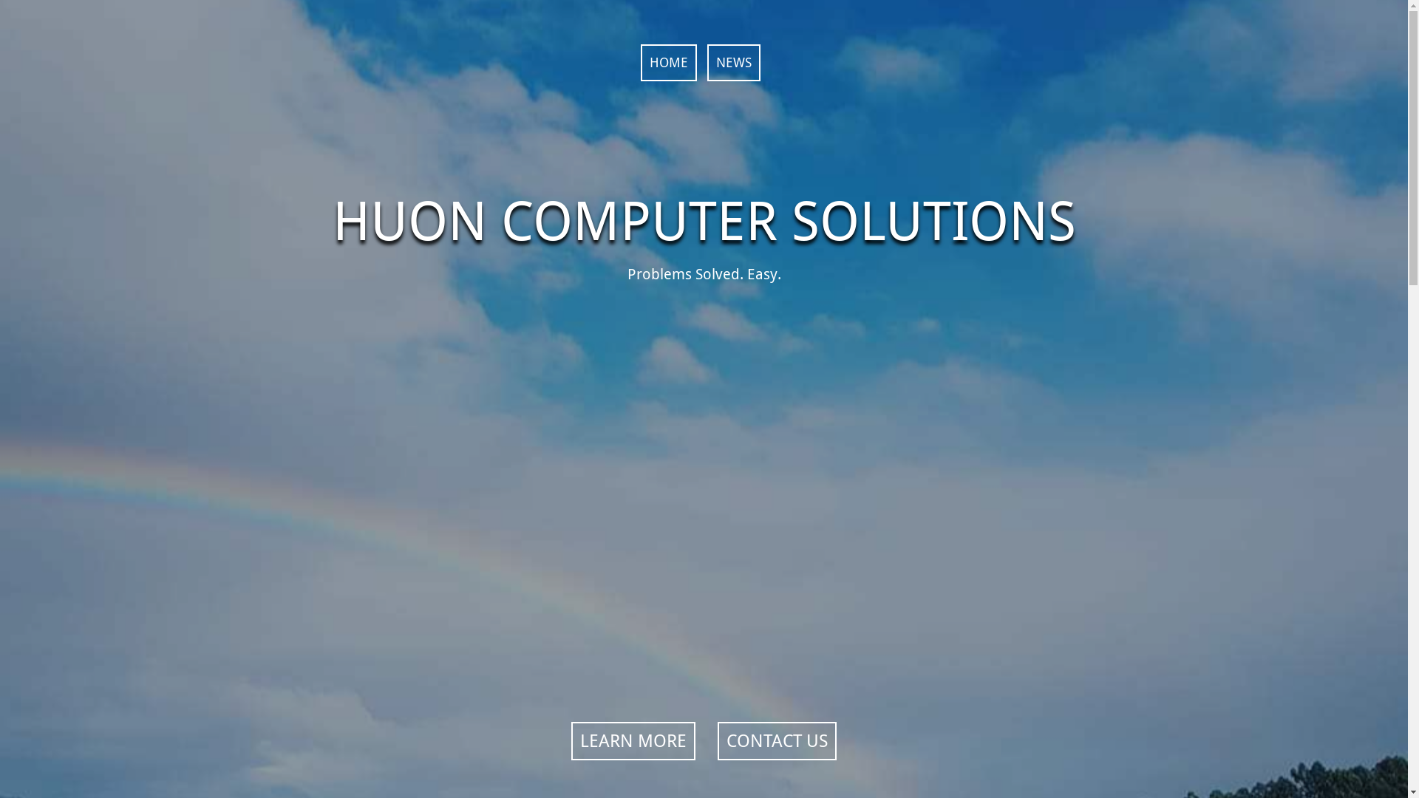 The width and height of the screenshot is (1419, 798). What do you see at coordinates (667, 61) in the screenshot?
I see `'HOME'` at bounding box center [667, 61].